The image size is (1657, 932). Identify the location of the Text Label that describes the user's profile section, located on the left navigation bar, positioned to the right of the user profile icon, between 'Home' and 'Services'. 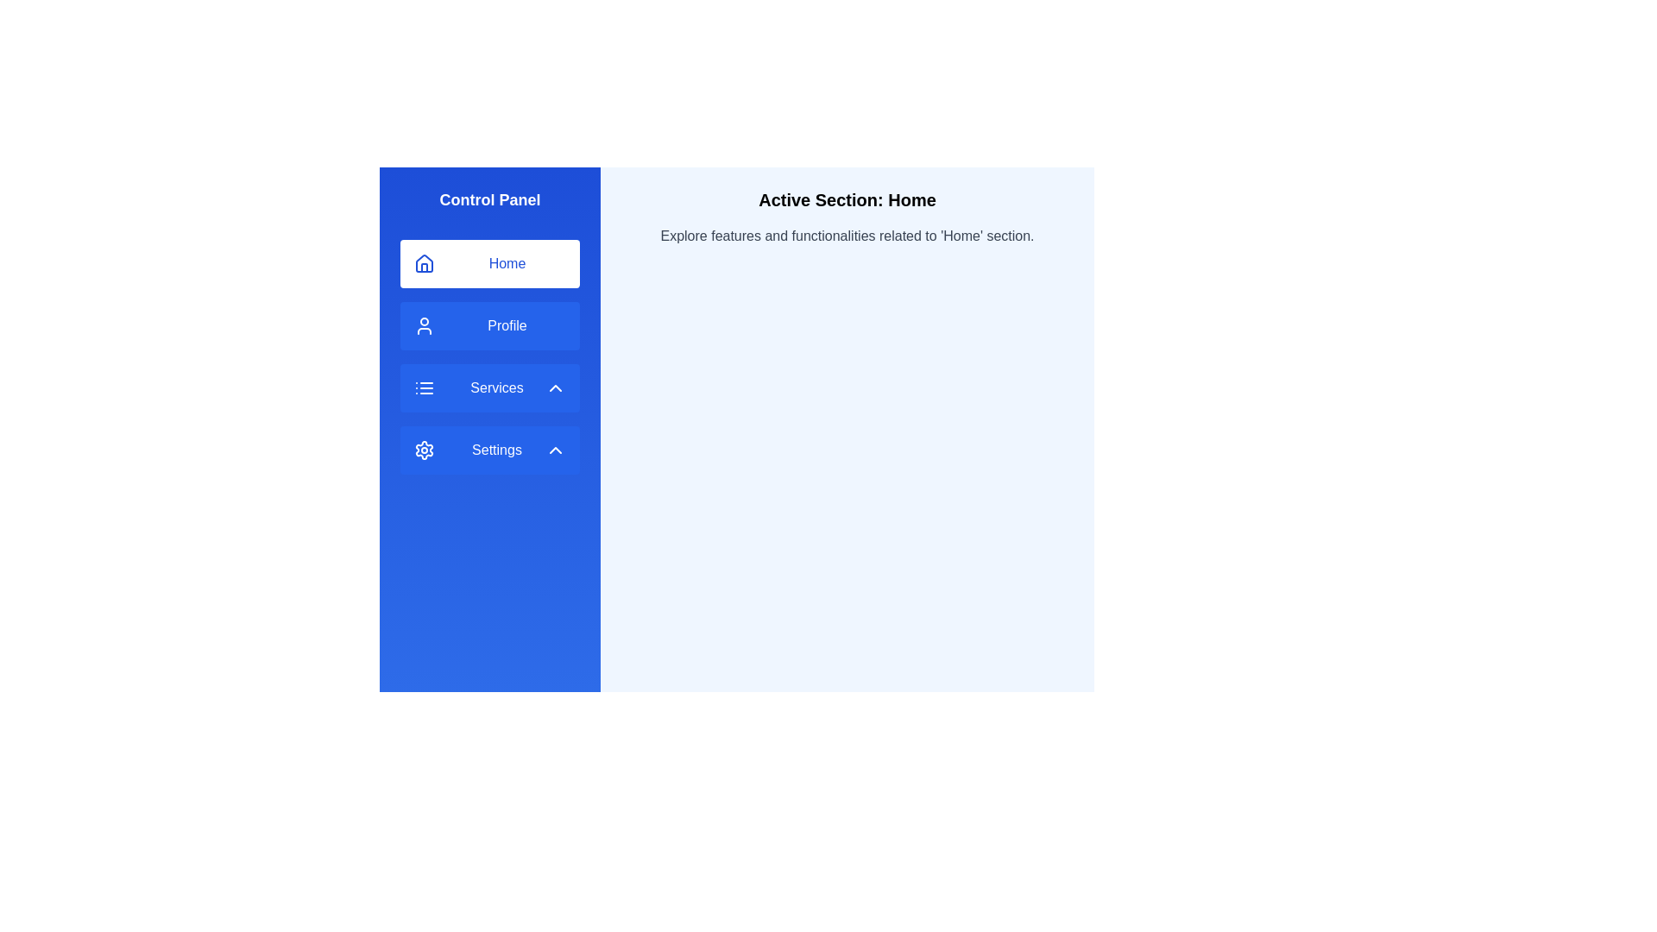
(507, 326).